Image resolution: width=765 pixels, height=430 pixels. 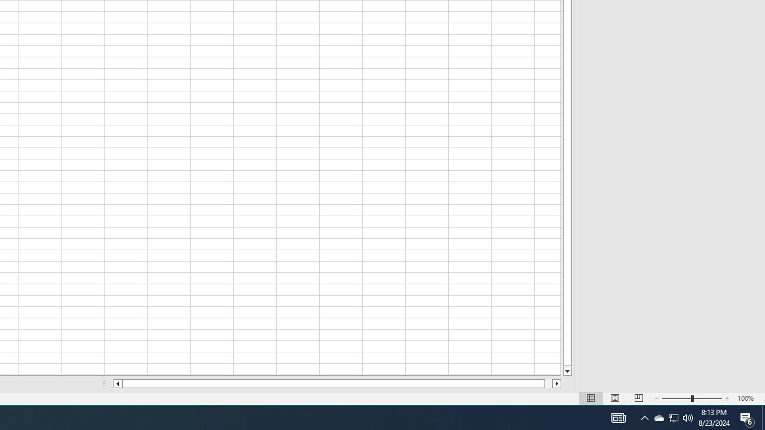 I want to click on 'User Promoted Notification Area', so click(x=674, y=417).